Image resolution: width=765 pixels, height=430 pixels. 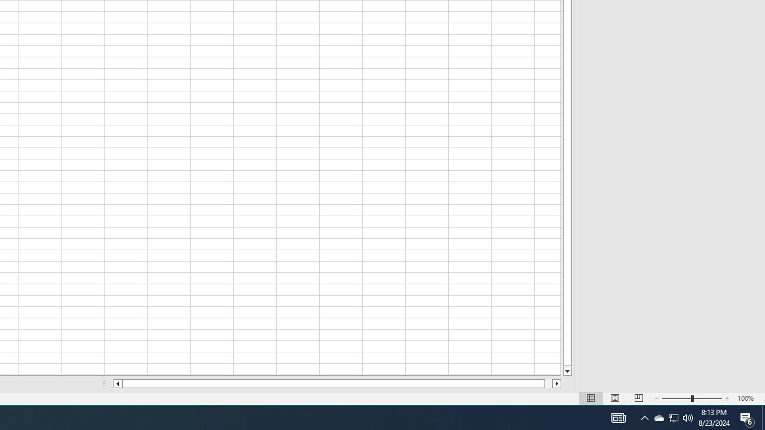 I want to click on 'User Promoted Notification Area', so click(x=674, y=417).